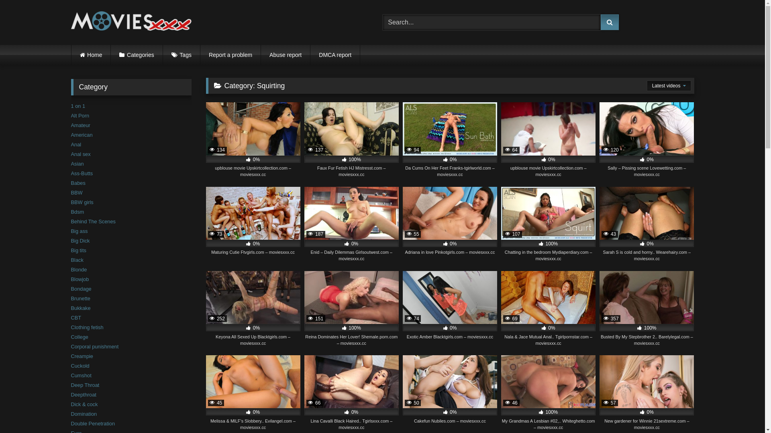 Image resolution: width=771 pixels, height=433 pixels. What do you see at coordinates (71, 317) in the screenshot?
I see `'CBT'` at bounding box center [71, 317].